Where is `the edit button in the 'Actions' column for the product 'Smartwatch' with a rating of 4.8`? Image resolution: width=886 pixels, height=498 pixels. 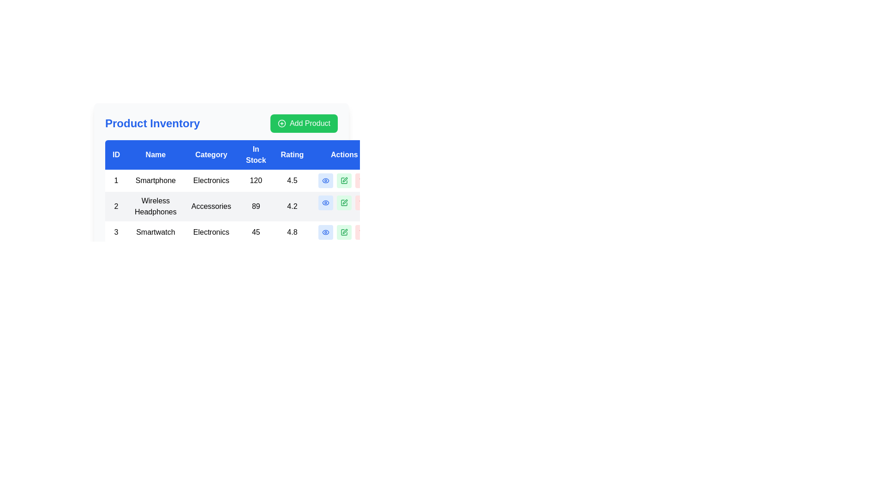 the edit button in the 'Actions' column for the product 'Smartwatch' with a rating of 4.8 is located at coordinates (344, 232).